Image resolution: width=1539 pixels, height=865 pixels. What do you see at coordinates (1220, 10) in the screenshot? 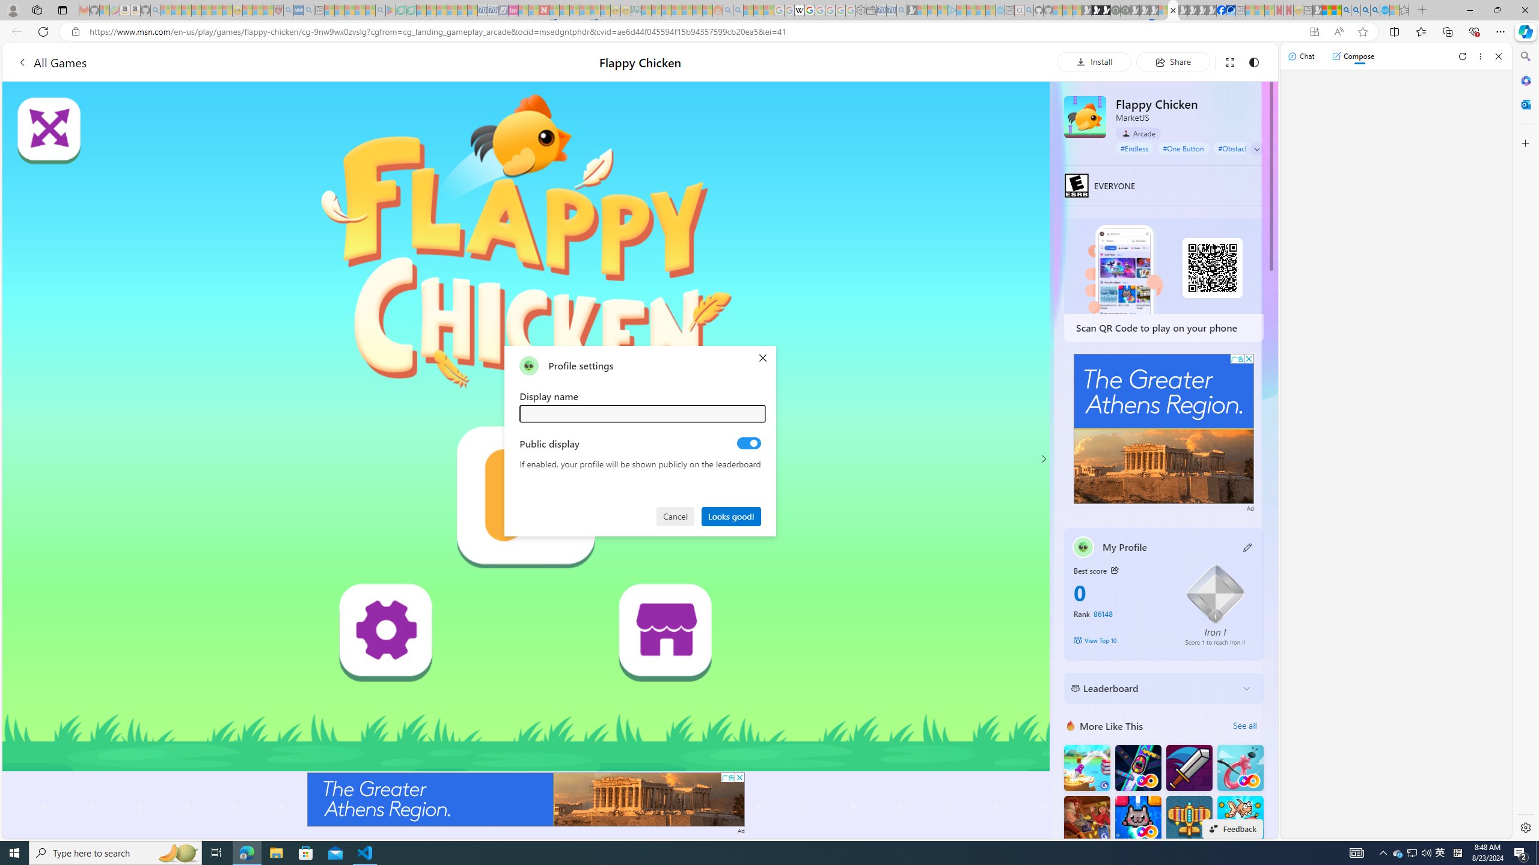
I see `'Nordace | Facebook'` at bounding box center [1220, 10].